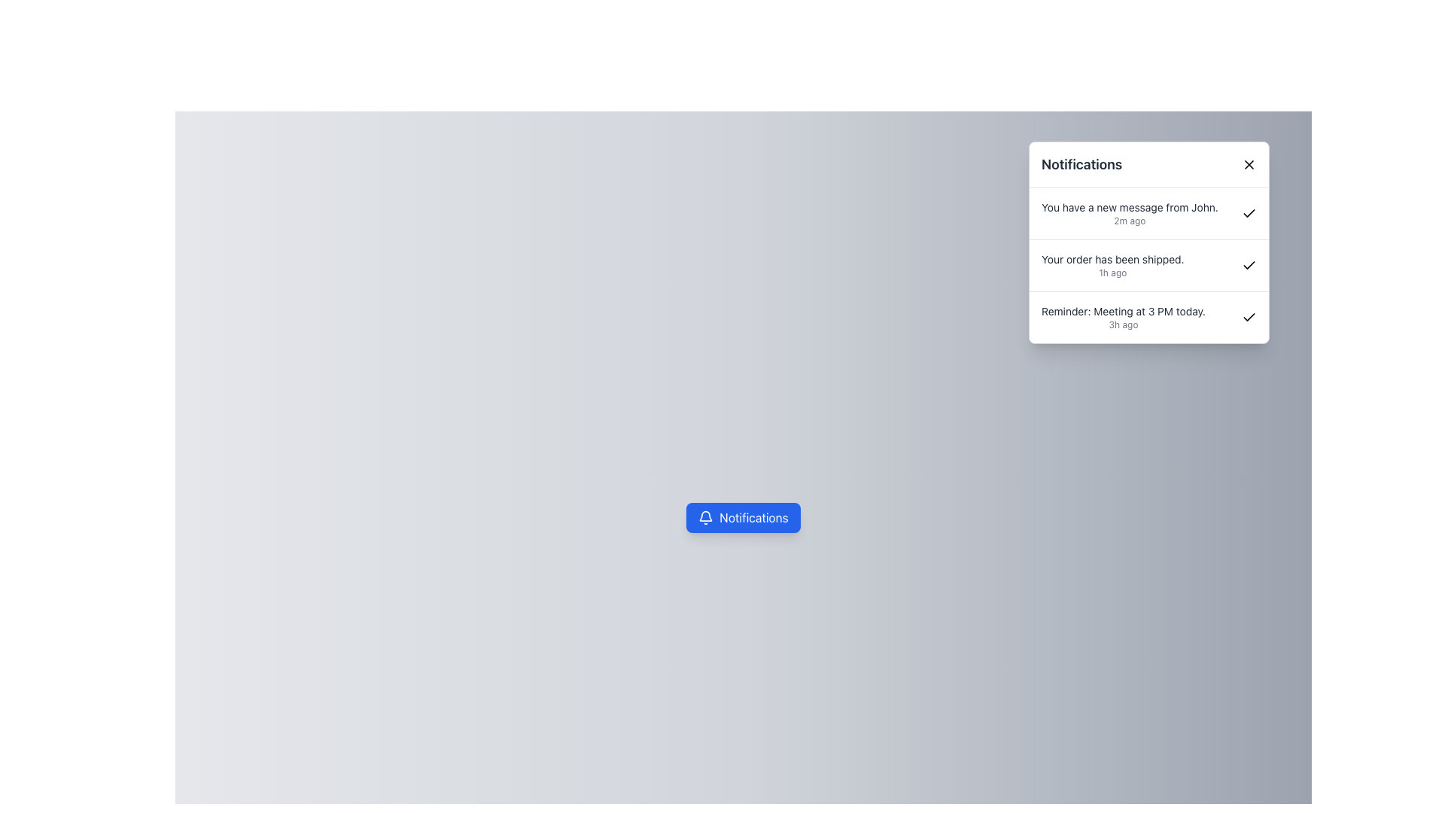 The width and height of the screenshot is (1445, 813). What do you see at coordinates (1081, 165) in the screenshot?
I see `heading label for notifications located at the top-left corner of the popup, which informs users about the content of the notifications` at bounding box center [1081, 165].